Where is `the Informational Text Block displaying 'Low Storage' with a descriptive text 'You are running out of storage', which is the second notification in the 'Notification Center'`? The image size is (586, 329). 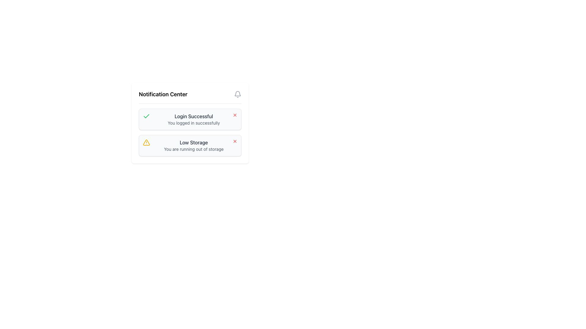
the Informational Text Block displaying 'Low Storage' with a descriptive text 'You are running out of storage', which is the second notification in the 'Notification Center' is located at coordinates (193, 146).